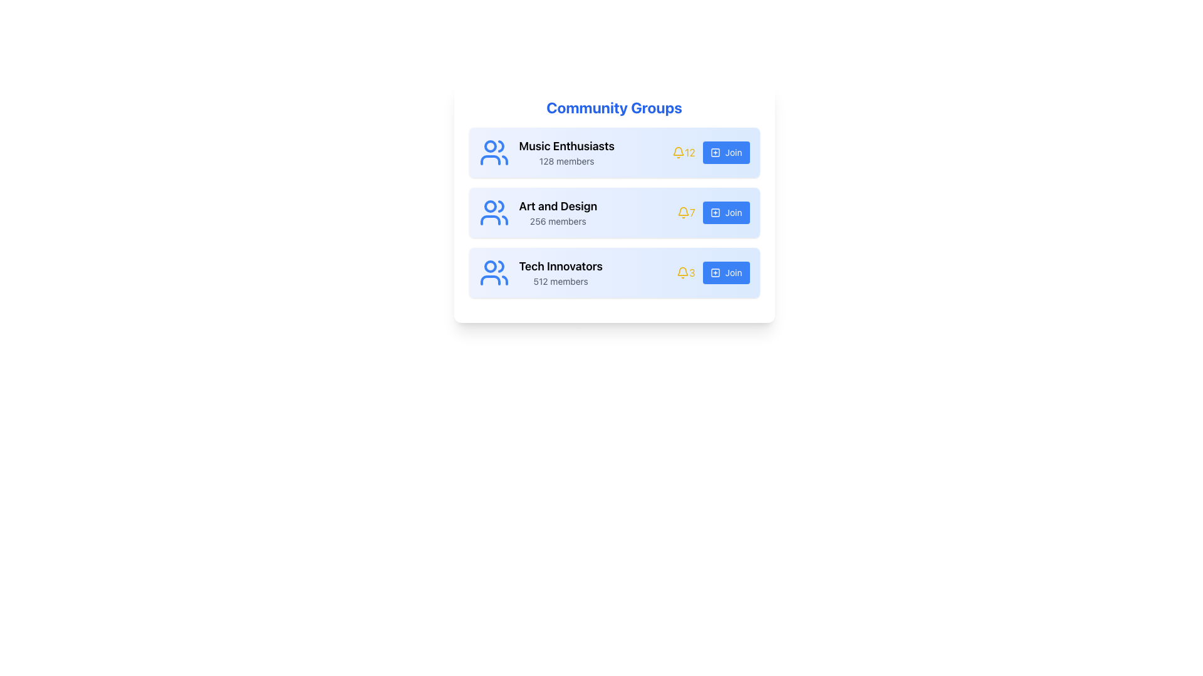  What do you see at coordinates (493, 272) in the screenshot?
I see `the 'Tech Innovators' icon, which is located to the left of the 'Tech Innovators' text in the community groups list` at bounding box center [493, 272].